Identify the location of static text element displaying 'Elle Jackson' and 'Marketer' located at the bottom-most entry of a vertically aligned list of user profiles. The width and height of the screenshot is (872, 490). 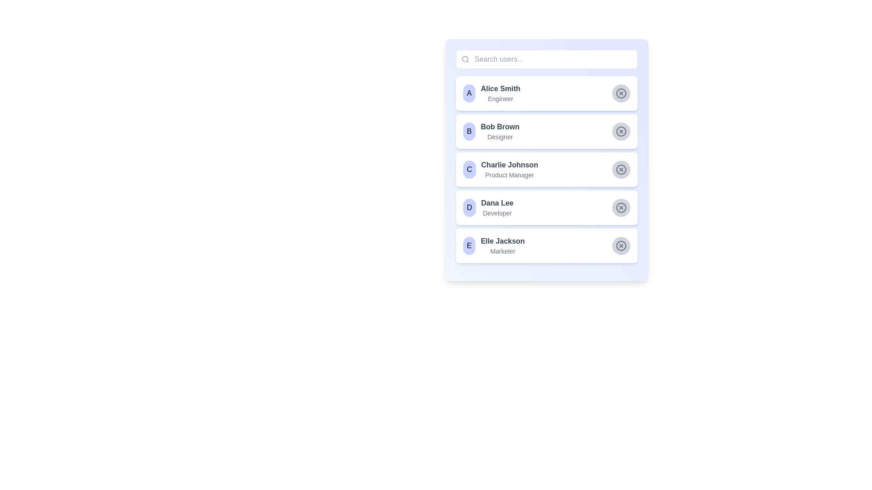
(502, 246).